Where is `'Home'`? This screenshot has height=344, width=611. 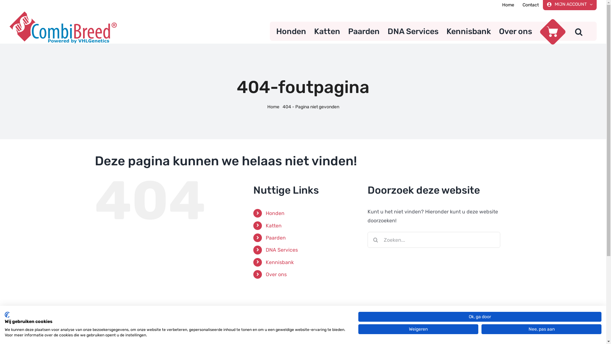 'Home' is located at coordinates (273, 106).